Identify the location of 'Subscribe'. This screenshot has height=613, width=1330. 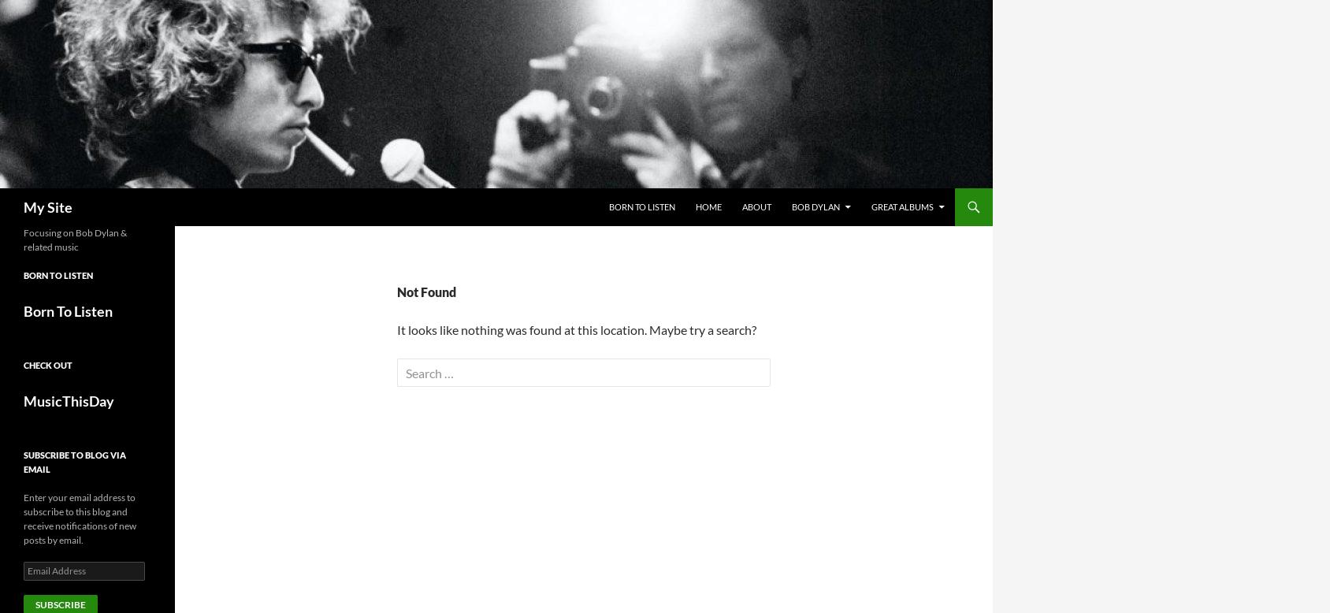
(59, 604).